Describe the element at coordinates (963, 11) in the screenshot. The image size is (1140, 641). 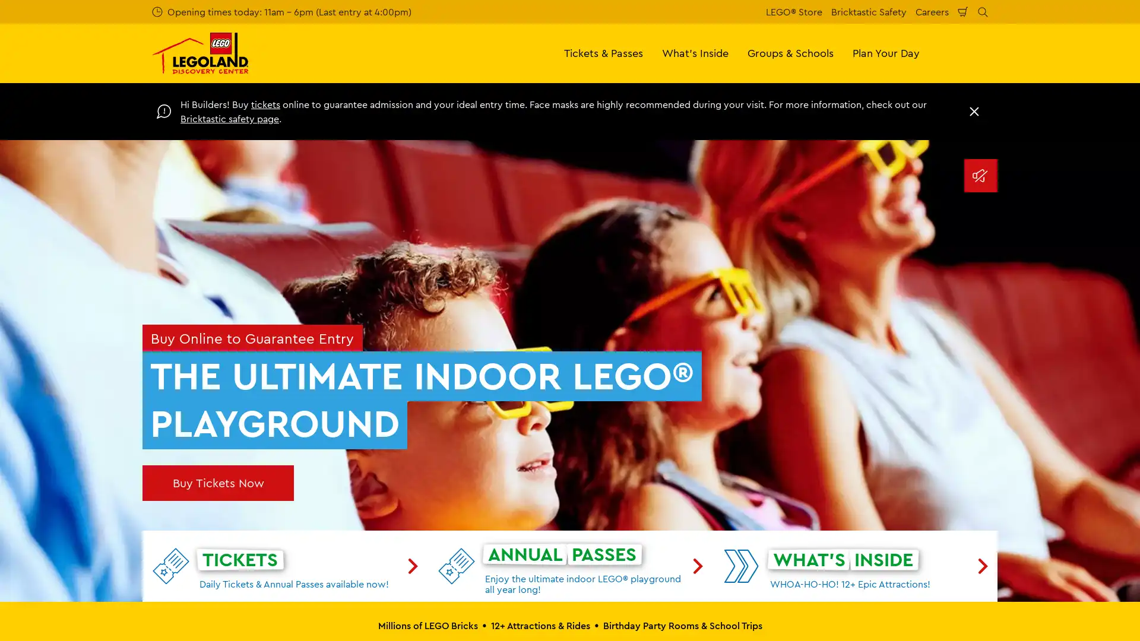
I see `Shopping Cart` at that location.